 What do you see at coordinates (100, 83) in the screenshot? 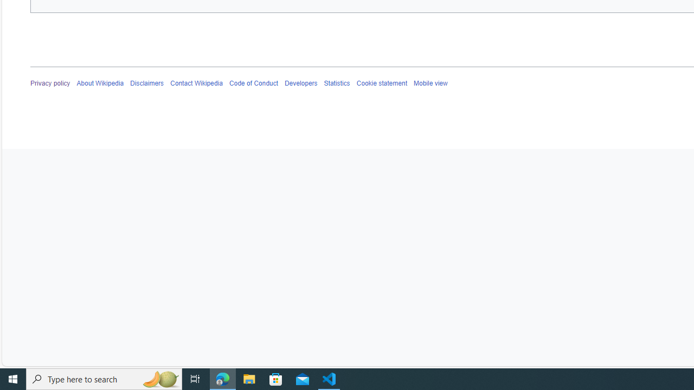
I see `'About Wikipedia'` at bounding box center [100, 83].